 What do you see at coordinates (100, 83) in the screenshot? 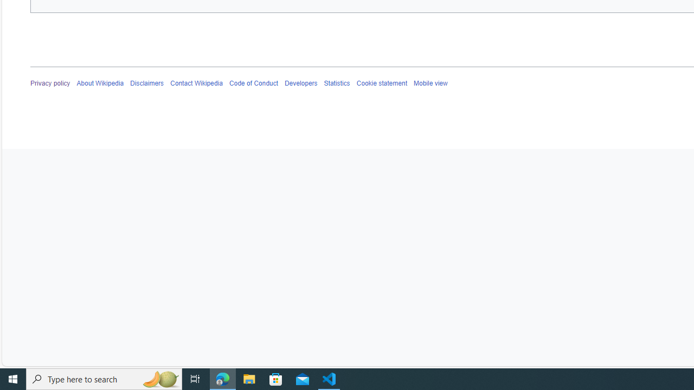
I see `'About Wikipedia'` at bounding box center [100, 83].